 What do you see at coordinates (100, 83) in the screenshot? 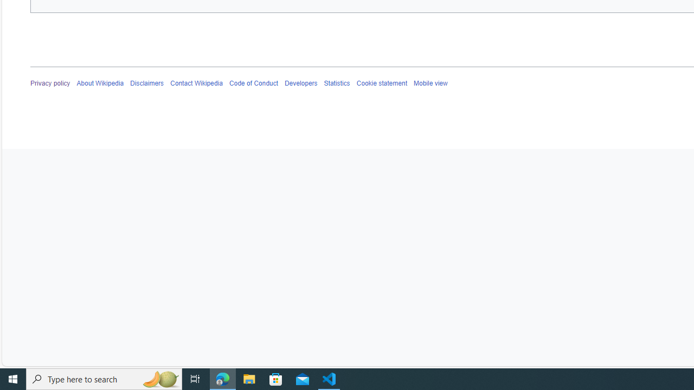
I see `'About Wikipedia'` at bounding box center [100, 83].